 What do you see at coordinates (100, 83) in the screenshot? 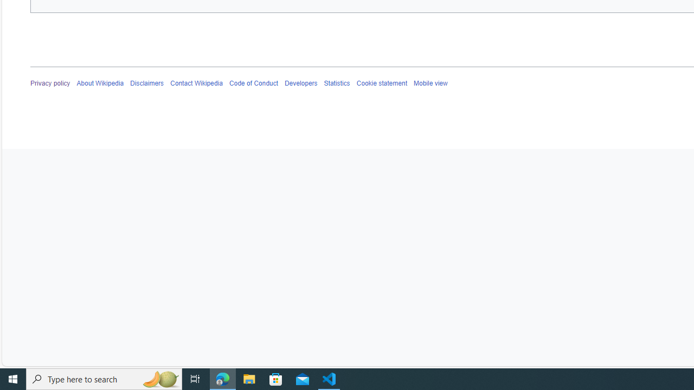
I see `'About Wikipedia'` at bounding box center [100, 83].